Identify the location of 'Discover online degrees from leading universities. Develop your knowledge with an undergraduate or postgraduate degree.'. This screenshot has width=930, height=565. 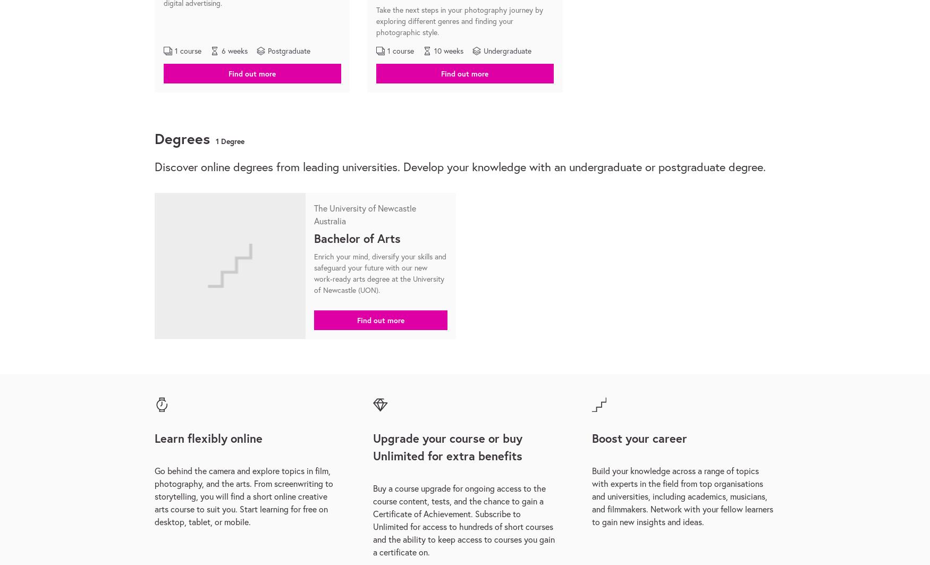
(460, 166).